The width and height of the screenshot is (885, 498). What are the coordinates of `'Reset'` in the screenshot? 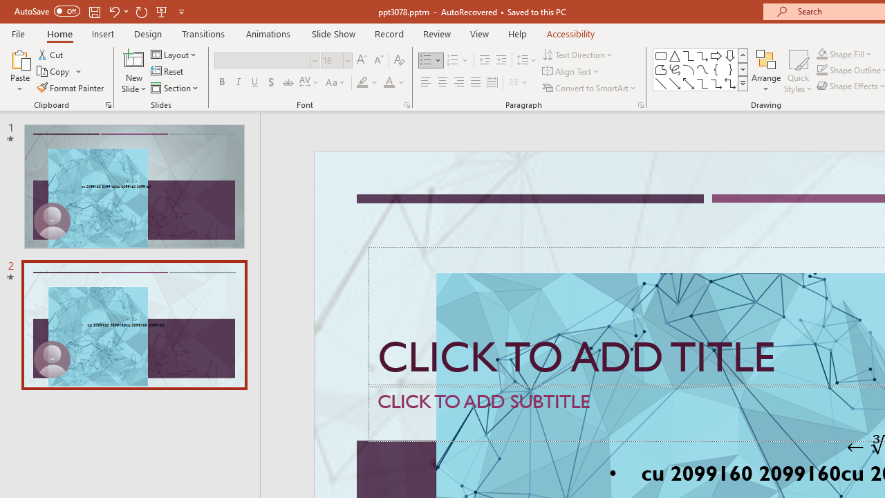 It's located at (167, 71).